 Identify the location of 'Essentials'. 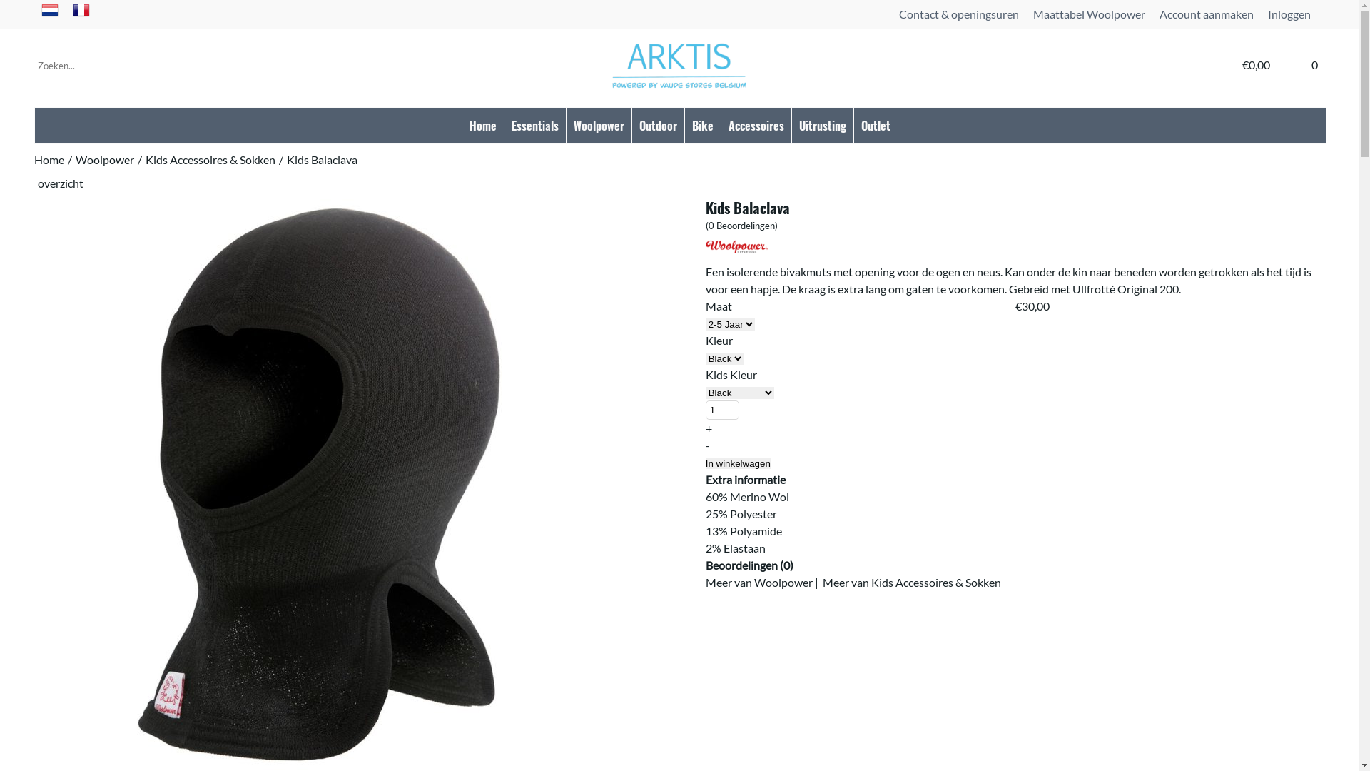
(534, 125).